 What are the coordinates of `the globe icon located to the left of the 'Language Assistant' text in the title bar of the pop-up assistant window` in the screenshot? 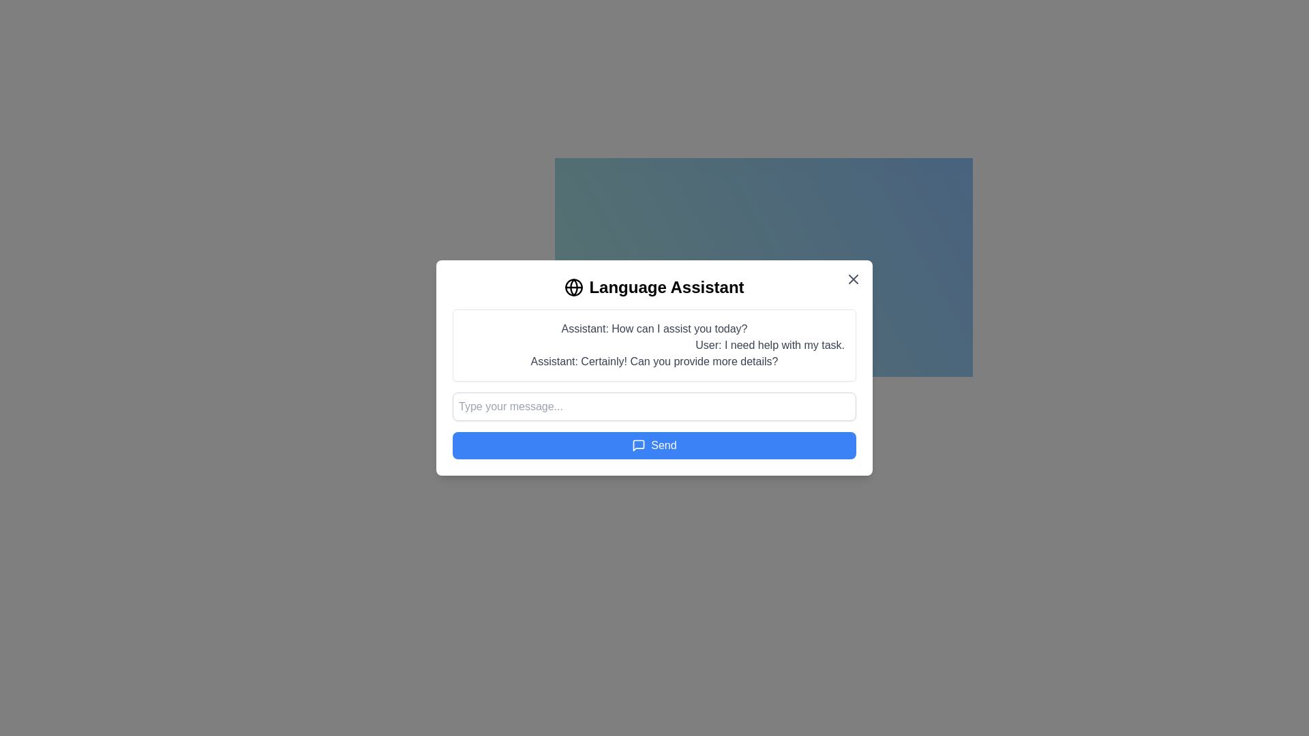 It's located at (574, 286).